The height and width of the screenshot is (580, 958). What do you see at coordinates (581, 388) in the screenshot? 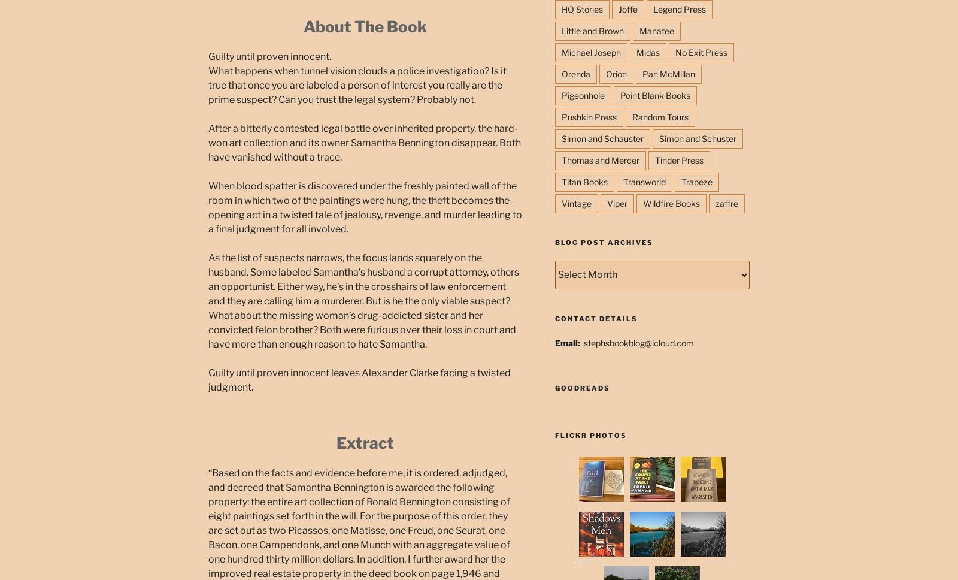
I see `'Goodreads'` at bounding box center [581, 388].